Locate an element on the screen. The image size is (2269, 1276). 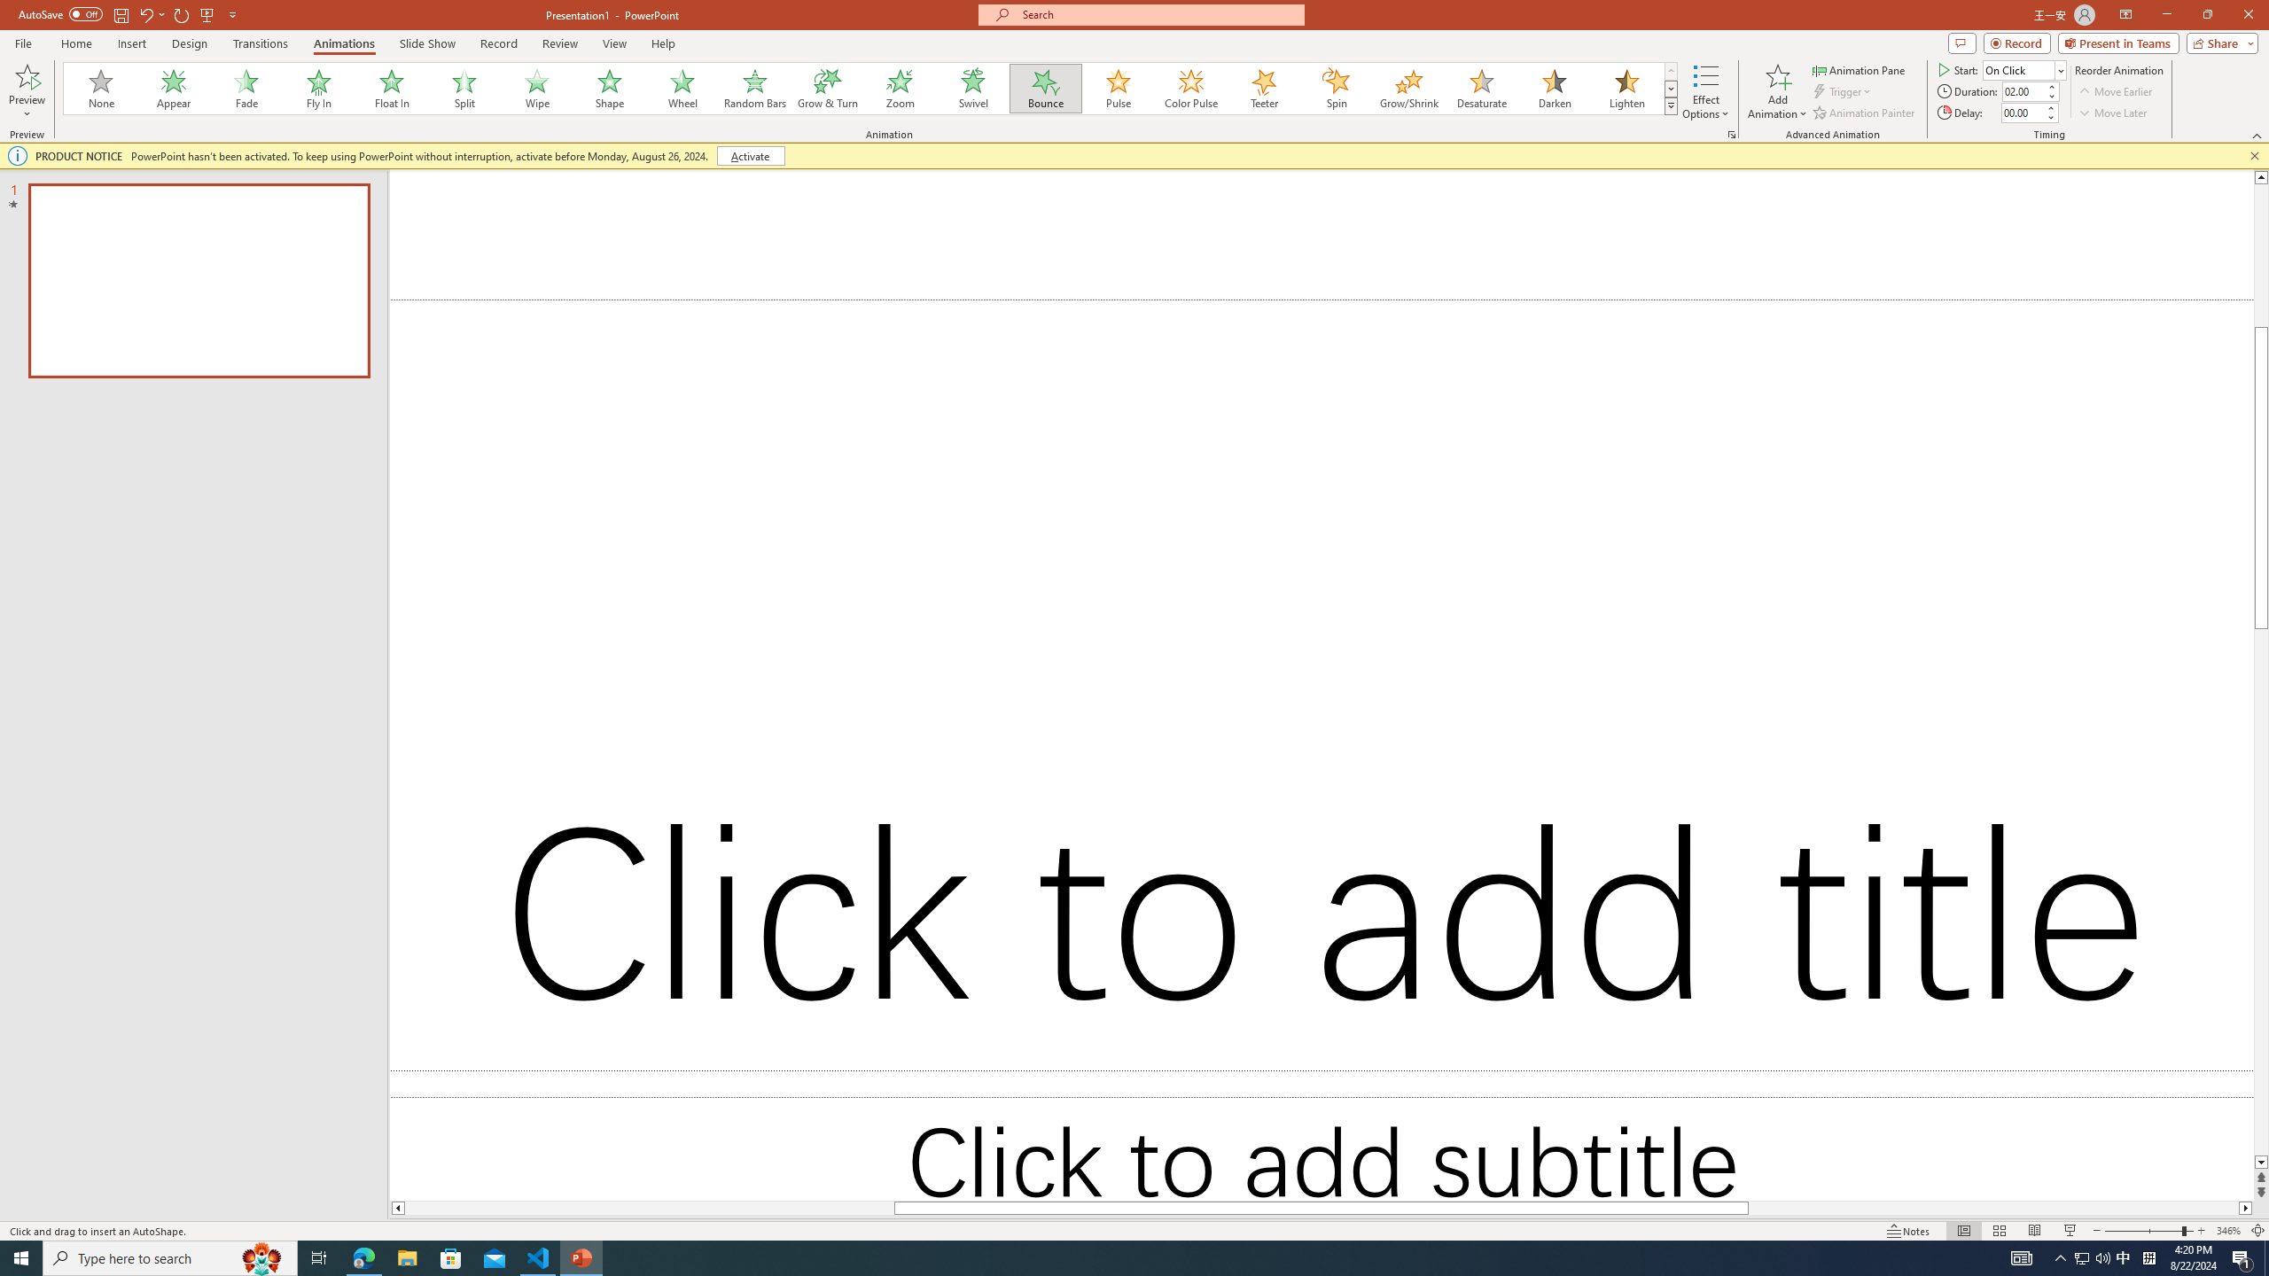
'Spin' is located at coordinates (1336, 88).